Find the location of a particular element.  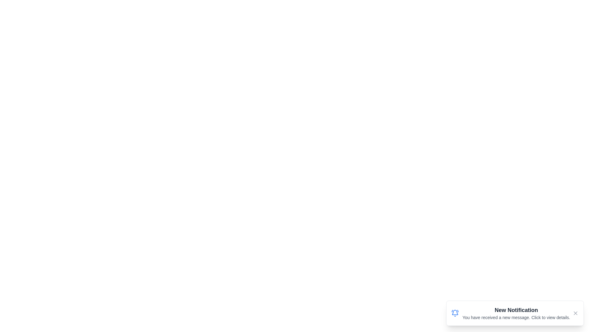

the gray 'x' icon button located at the top-right corner of the 'New Notification' box is located at coordinates (575, 313).